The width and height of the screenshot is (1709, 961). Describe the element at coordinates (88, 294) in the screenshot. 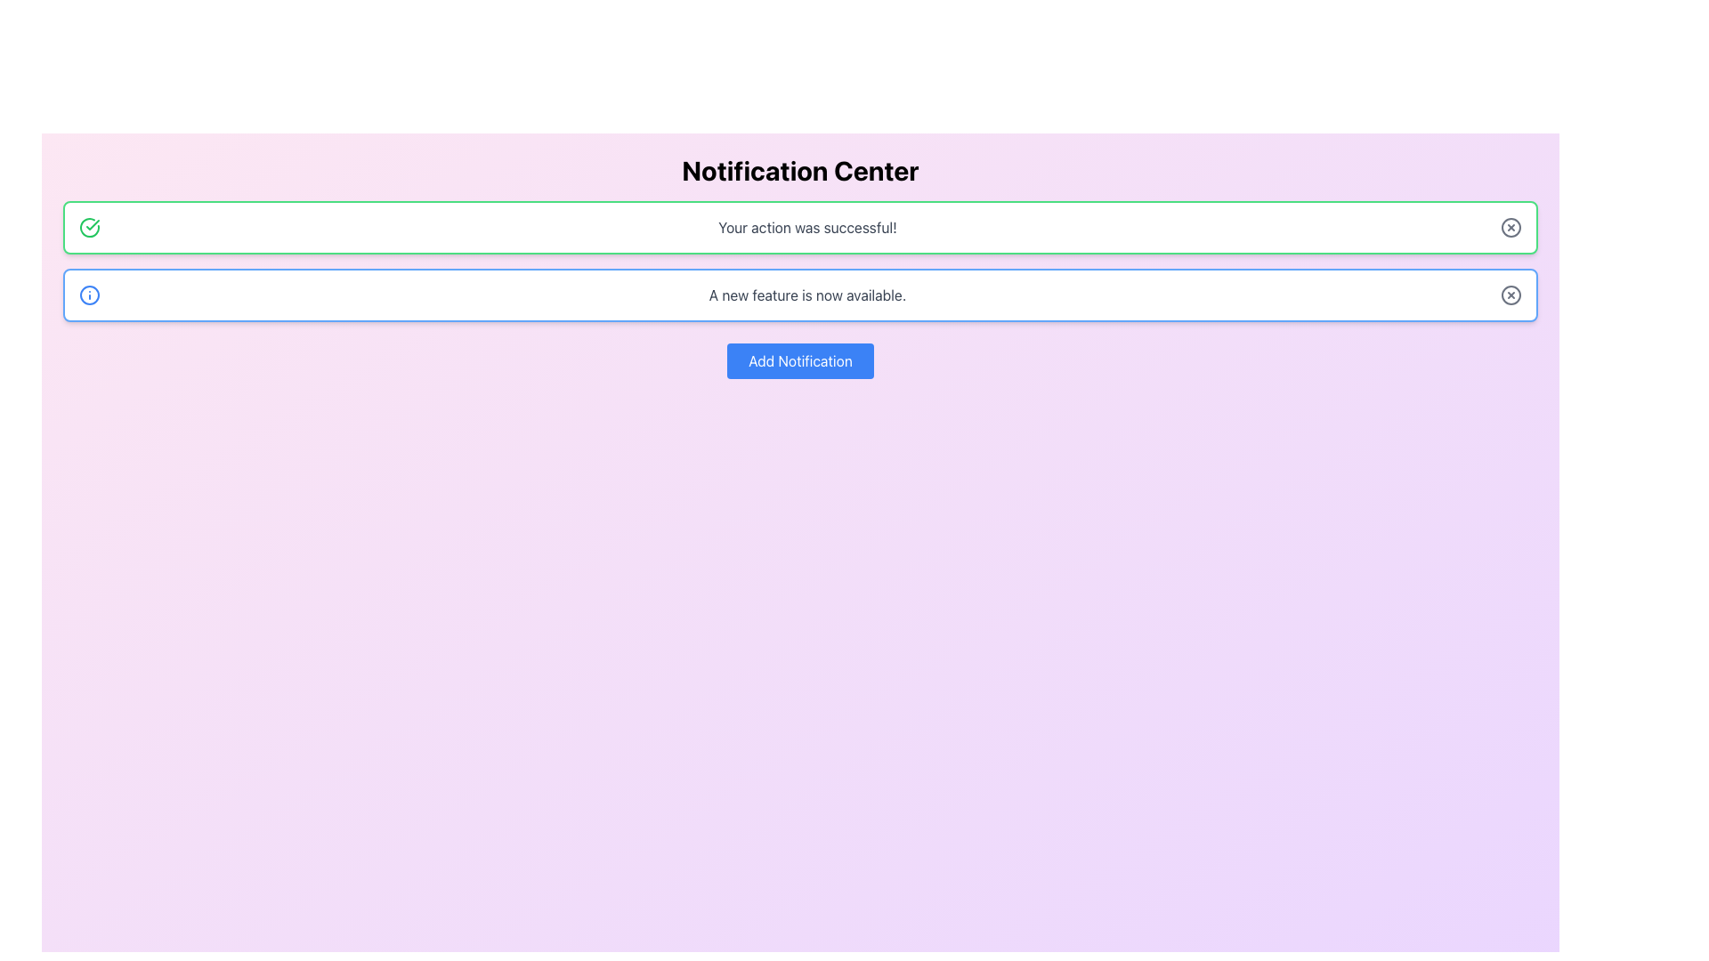

I see `the circular icon with a blue border and a small dot at its center, located within the second notification box, preceding the text 'A new feature is now available.'` at that location.